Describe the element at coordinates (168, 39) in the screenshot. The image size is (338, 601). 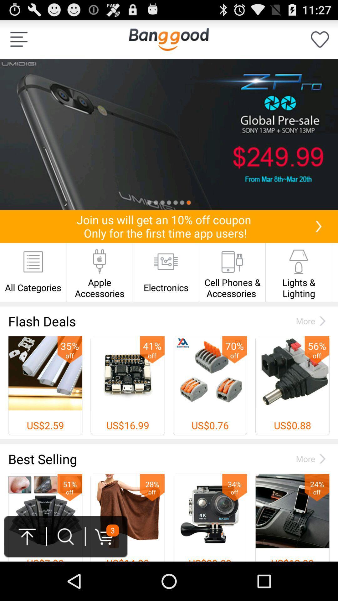
I see `bang good home link` at that location.